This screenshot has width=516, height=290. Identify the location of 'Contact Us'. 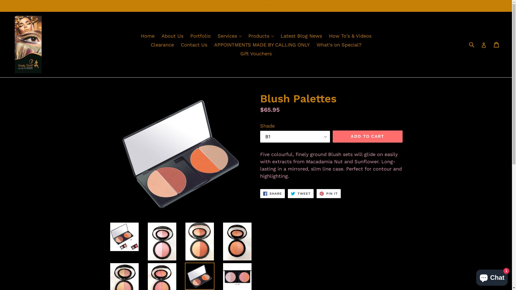
(193, 44).